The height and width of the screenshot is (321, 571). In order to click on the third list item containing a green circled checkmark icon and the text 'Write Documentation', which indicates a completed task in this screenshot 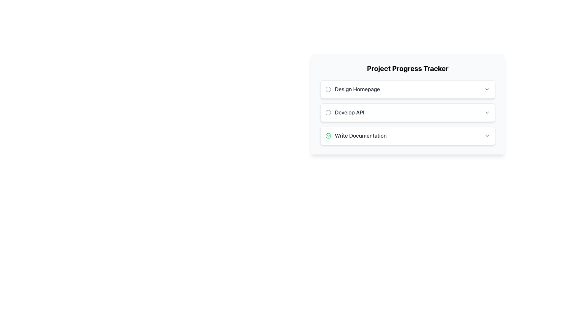, I will do `click(356, 136)`.